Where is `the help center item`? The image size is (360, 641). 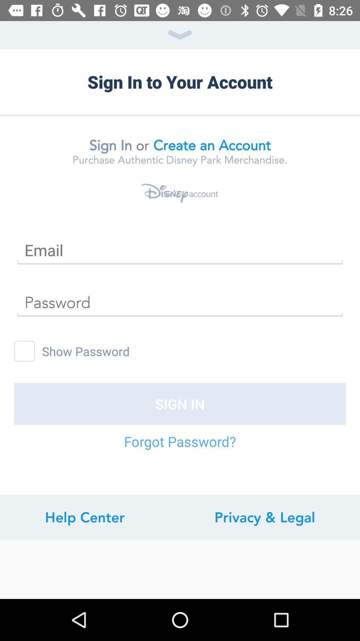
the help center item is located at coordinates (84, 517).